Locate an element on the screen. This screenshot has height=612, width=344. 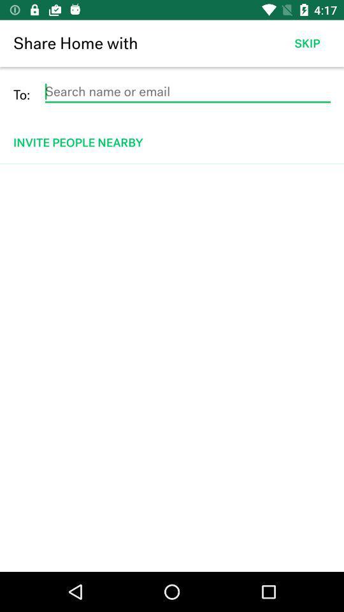
icon to the right of the share home with item is located at coordinates (306, 43).